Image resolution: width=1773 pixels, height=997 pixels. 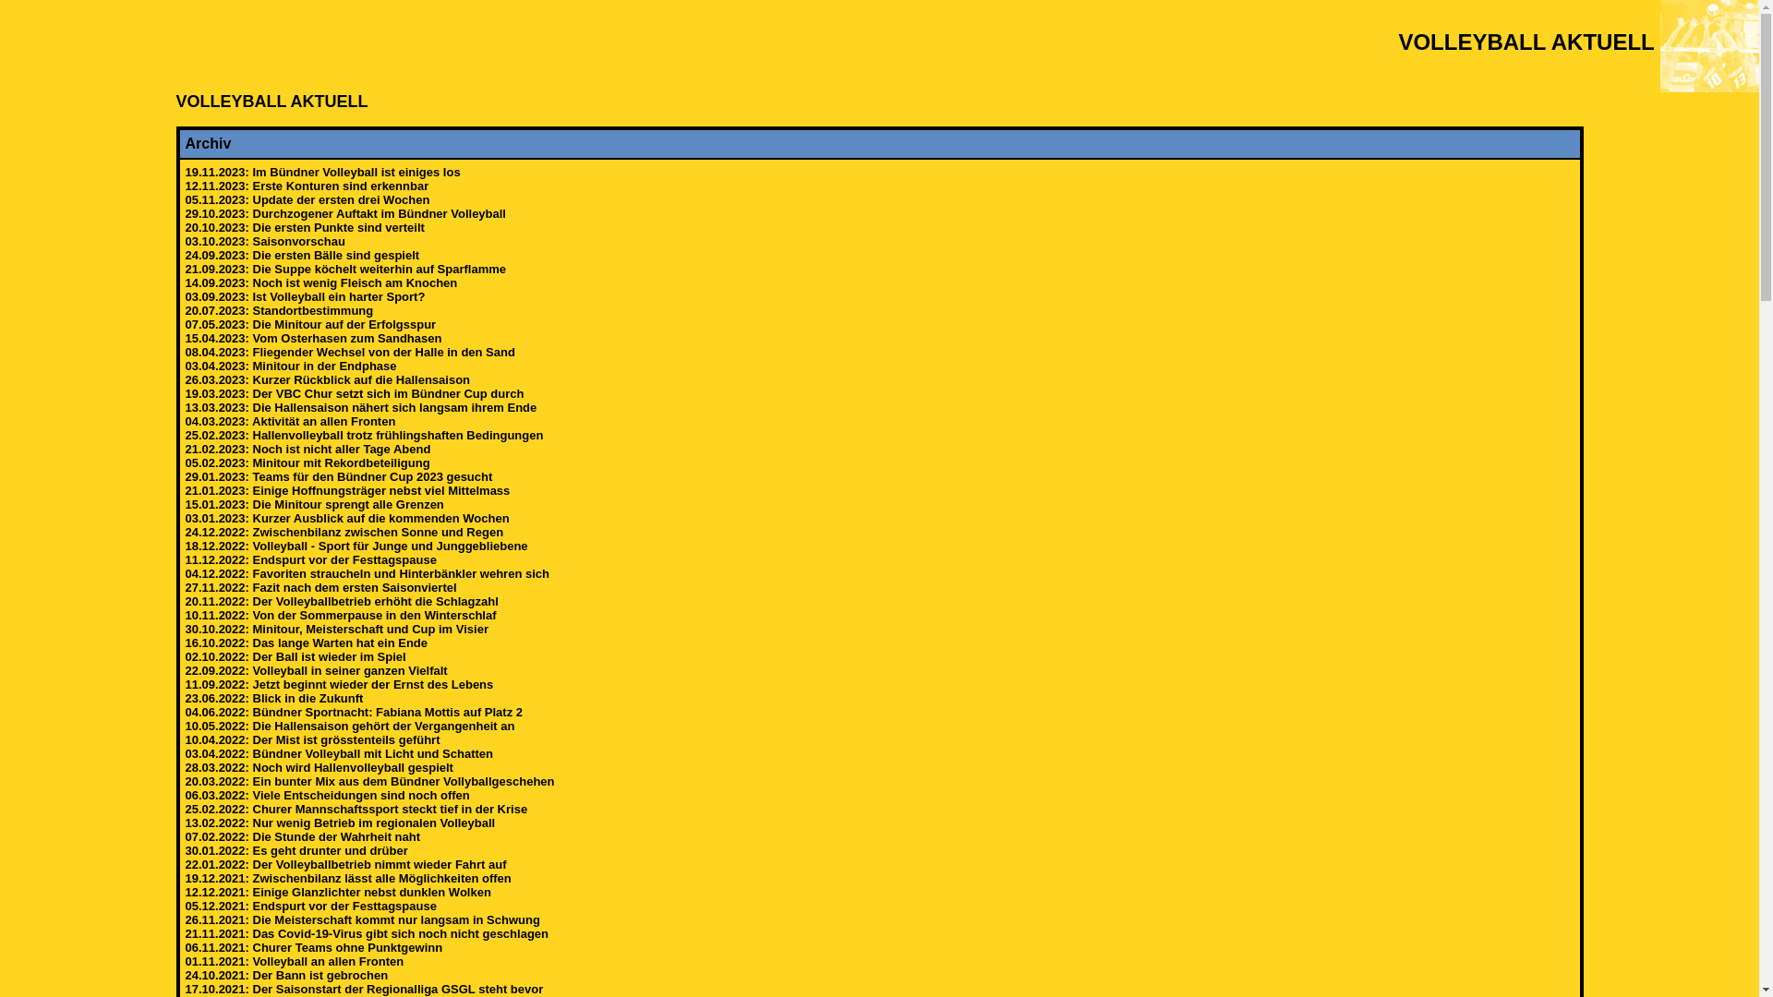 I want to click on '26.11.2021: Die Meisterschaft kommt nur langsam in Schwung', so click(x=362, y=919).